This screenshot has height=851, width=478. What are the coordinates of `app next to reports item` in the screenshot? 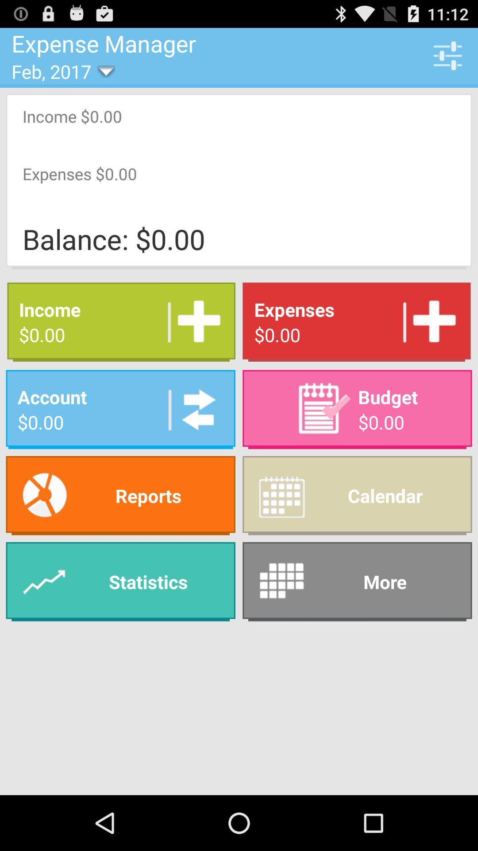 It's located at (357, 495).